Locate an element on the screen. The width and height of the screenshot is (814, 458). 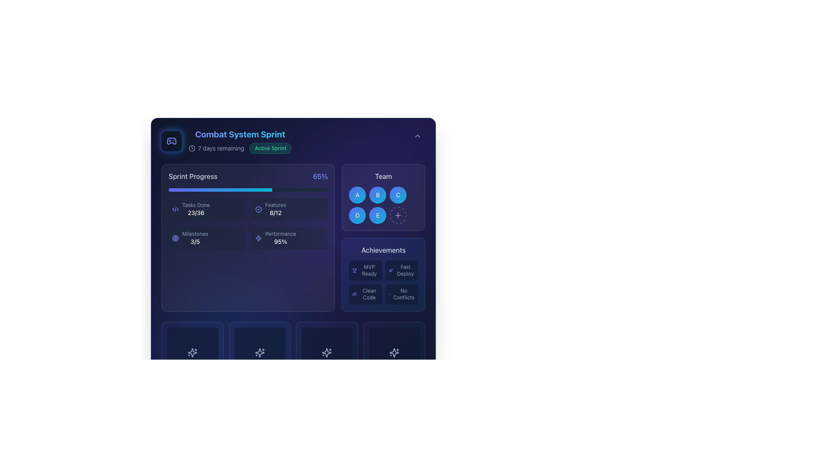
the button labeled 'E' in the 'Team' section is located at coordinates (377, 215).